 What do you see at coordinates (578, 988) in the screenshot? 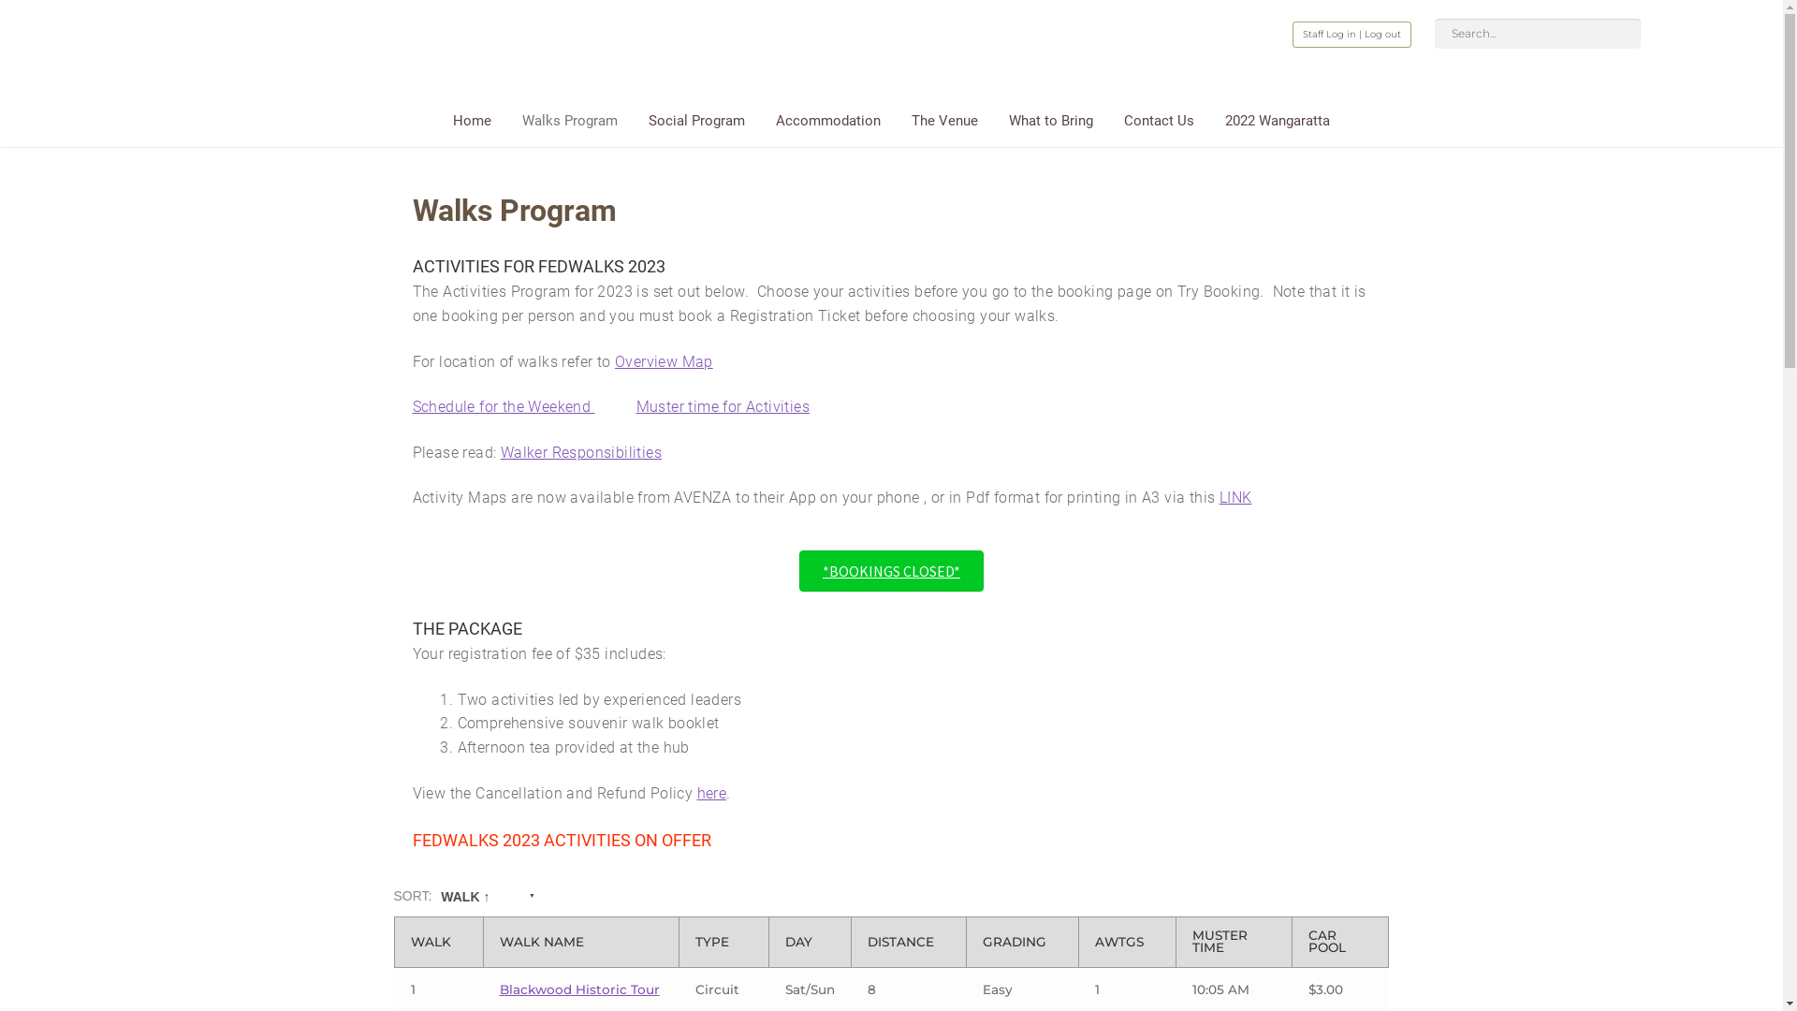
I see `'Blackwood Historic Tour'` at bounding box center [578, 988].